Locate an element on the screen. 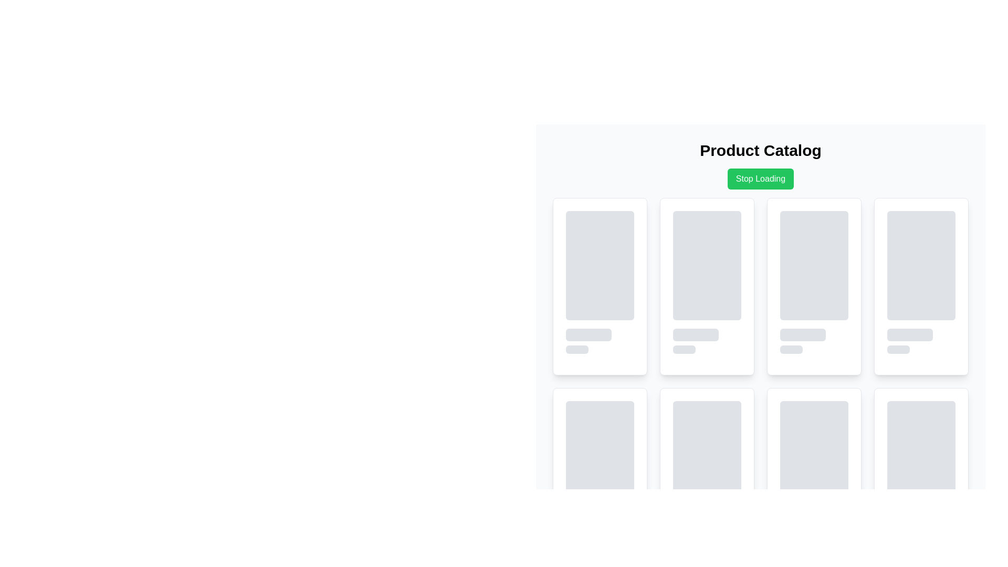 The image size is (1008, 567). the card in the second row and first column of the grid layout is located at coordinates (600, 476).